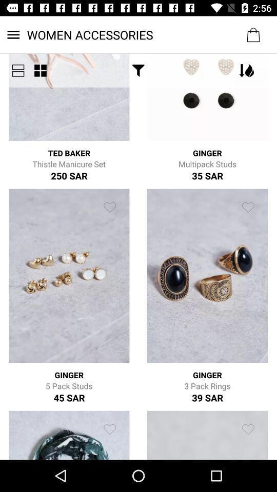 The width and height of the screenshot is (277, 492). What do you see at coordinates (18, 70) in the screenshot?
I see `item below women accessories icon` at bounding box center [18, 70].